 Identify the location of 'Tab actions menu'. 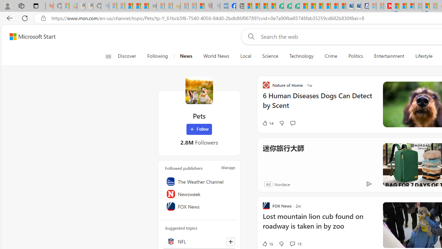
(36, 6).